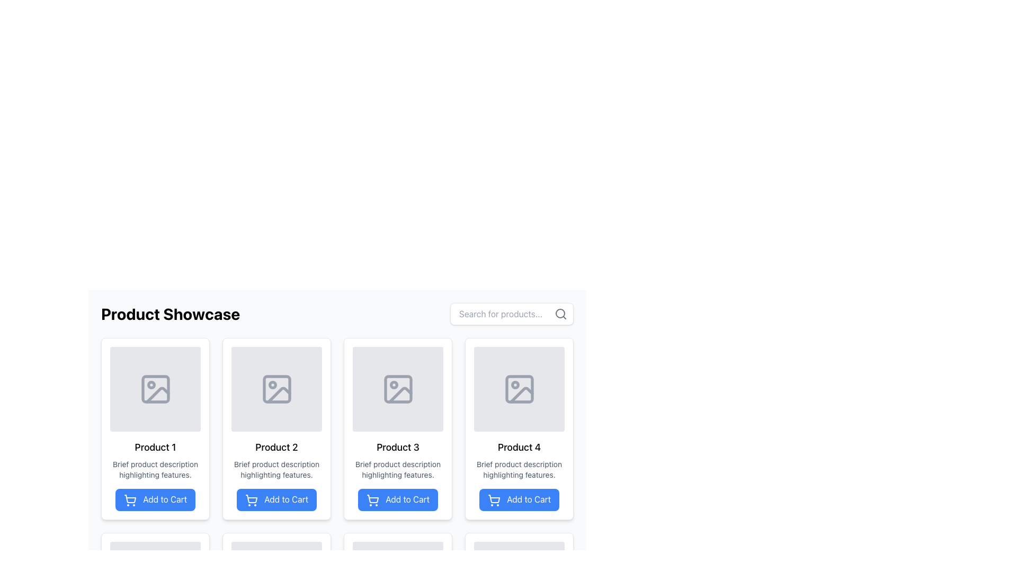 This screenshot has width=1017, height=572. I want to click on the icon element that appears as a slanted line within the second product card of the product showcase grid, so click(279, 395).